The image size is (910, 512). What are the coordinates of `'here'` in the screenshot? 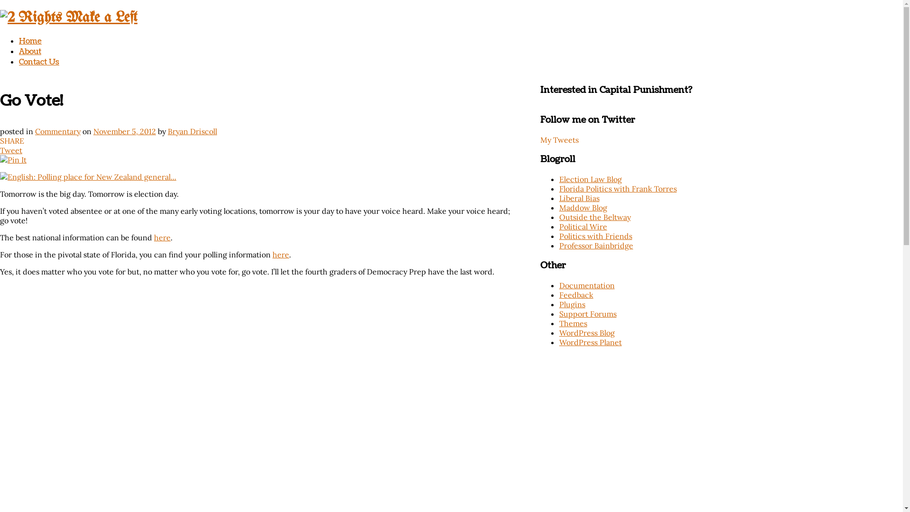 It's located at (280, 254).